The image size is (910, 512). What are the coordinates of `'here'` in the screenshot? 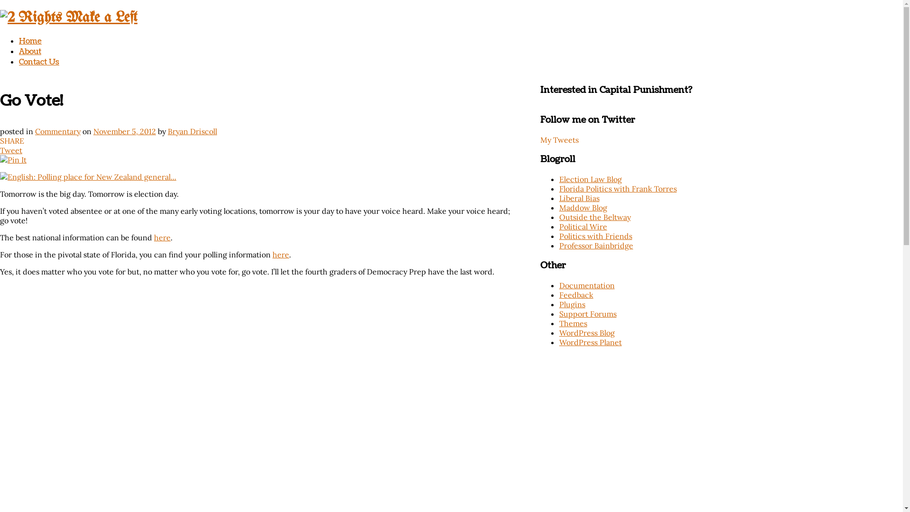 It's located at (280, 254).